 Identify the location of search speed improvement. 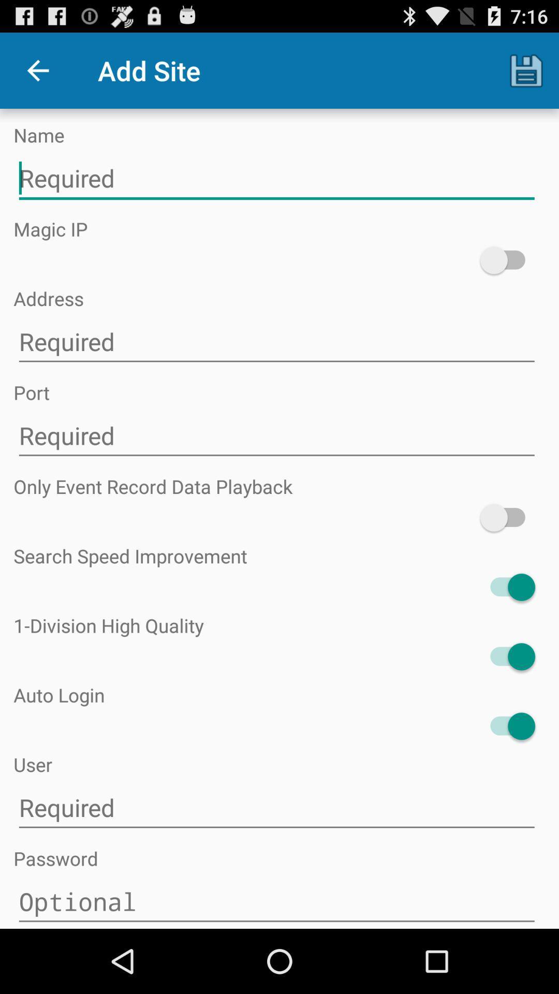
(507, 587).